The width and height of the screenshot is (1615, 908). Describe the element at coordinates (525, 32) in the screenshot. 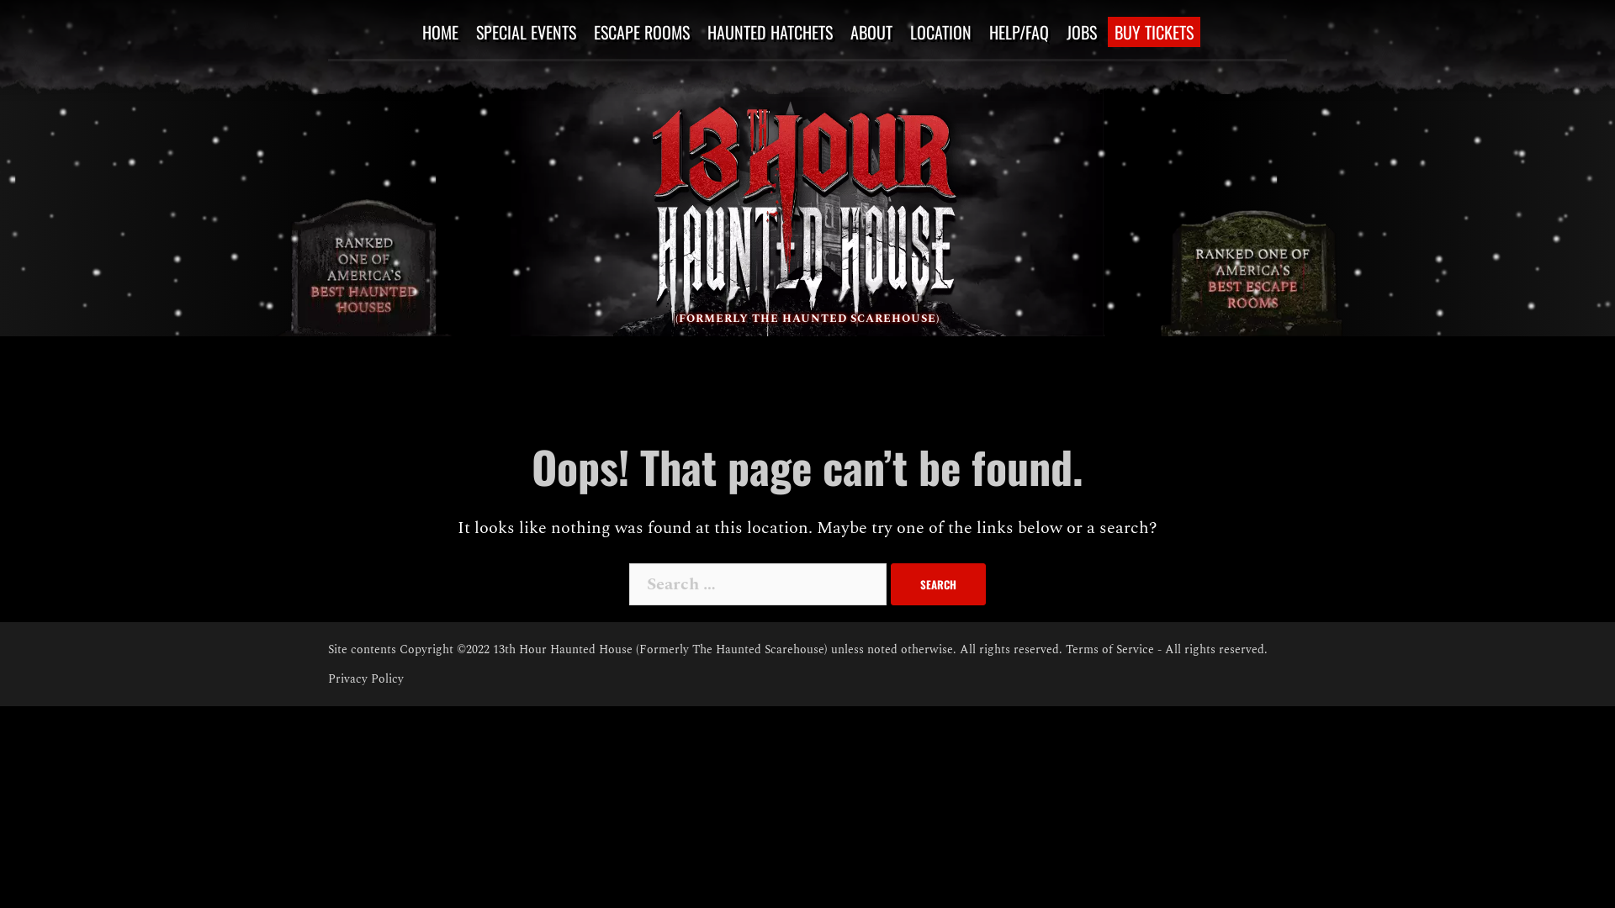

I see `'SPECIAL EVENTS'` at that location.